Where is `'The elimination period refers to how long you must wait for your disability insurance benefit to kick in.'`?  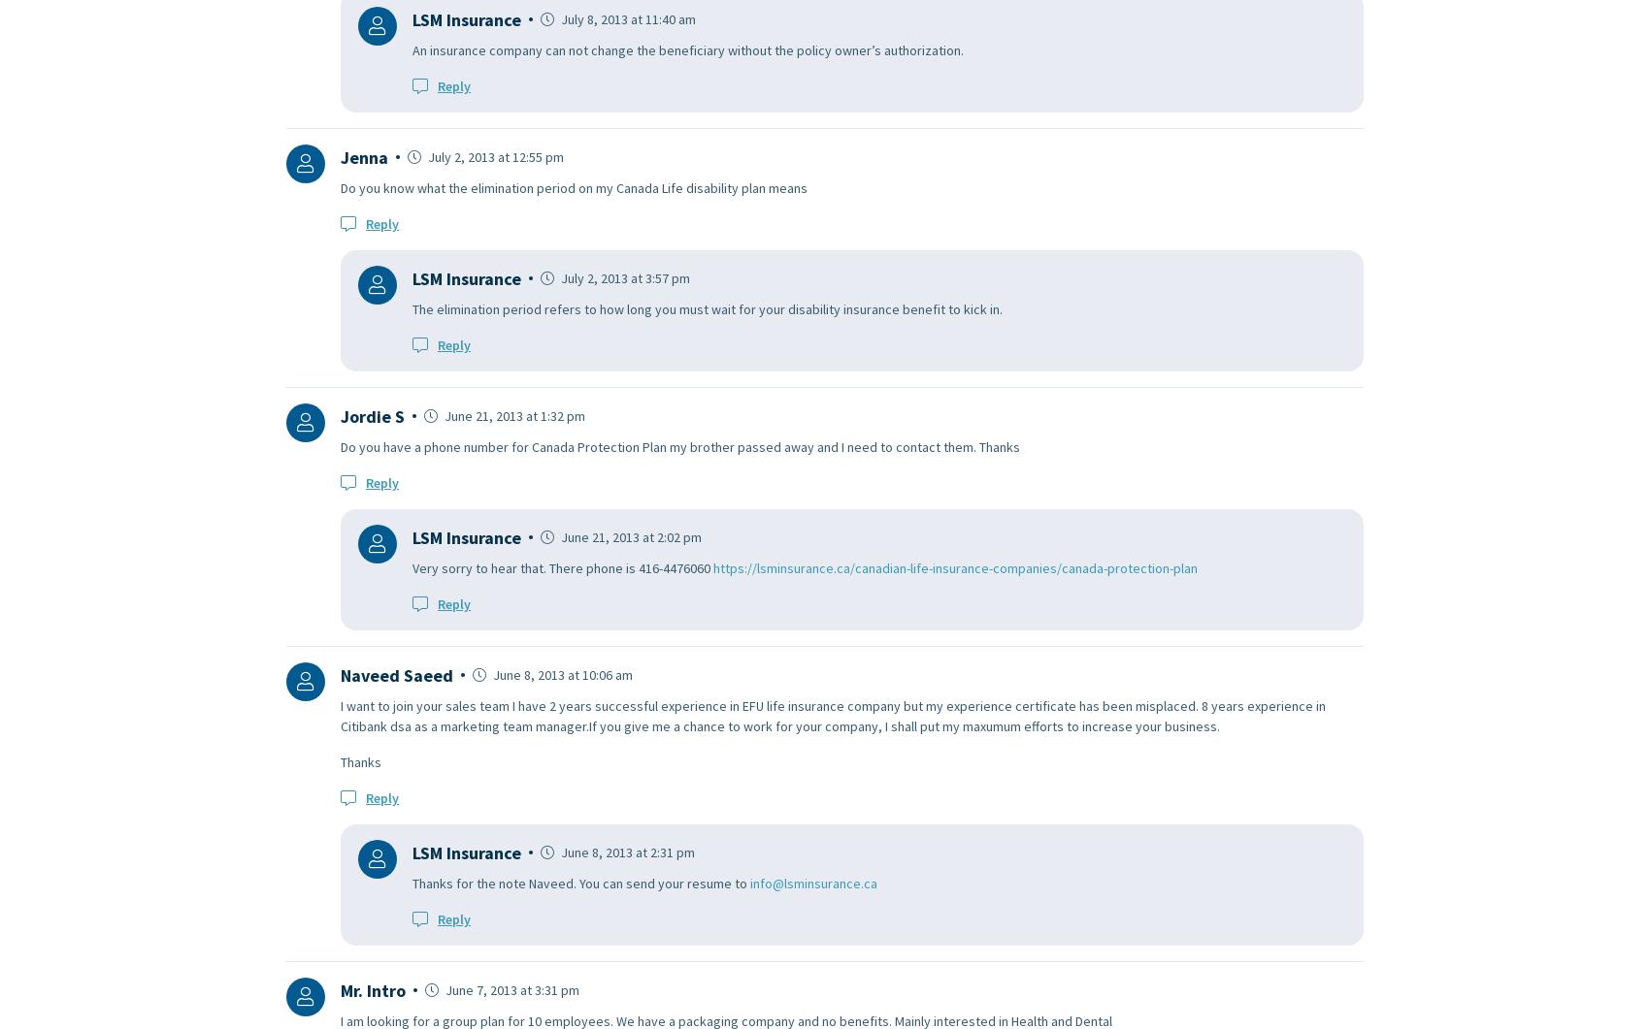
'The elimination period refers to how long you must wait for your disability insurance benefit to kick in.' is located at coordinates (707, 306).